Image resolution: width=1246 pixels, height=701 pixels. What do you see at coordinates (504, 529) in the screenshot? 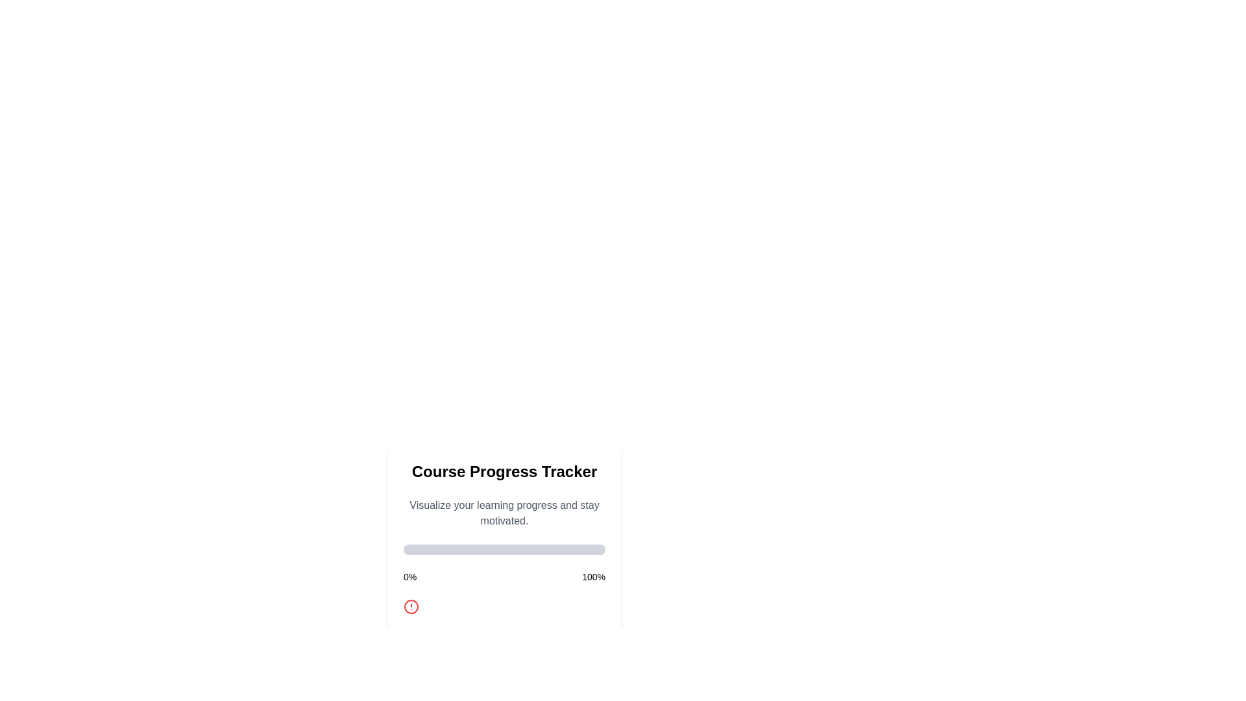
I see `the Dialog Box that displays information about course progress, located above the 'Progress' button and below the 'Course Progress Tracker' heading` at bounding box center [504, 529].